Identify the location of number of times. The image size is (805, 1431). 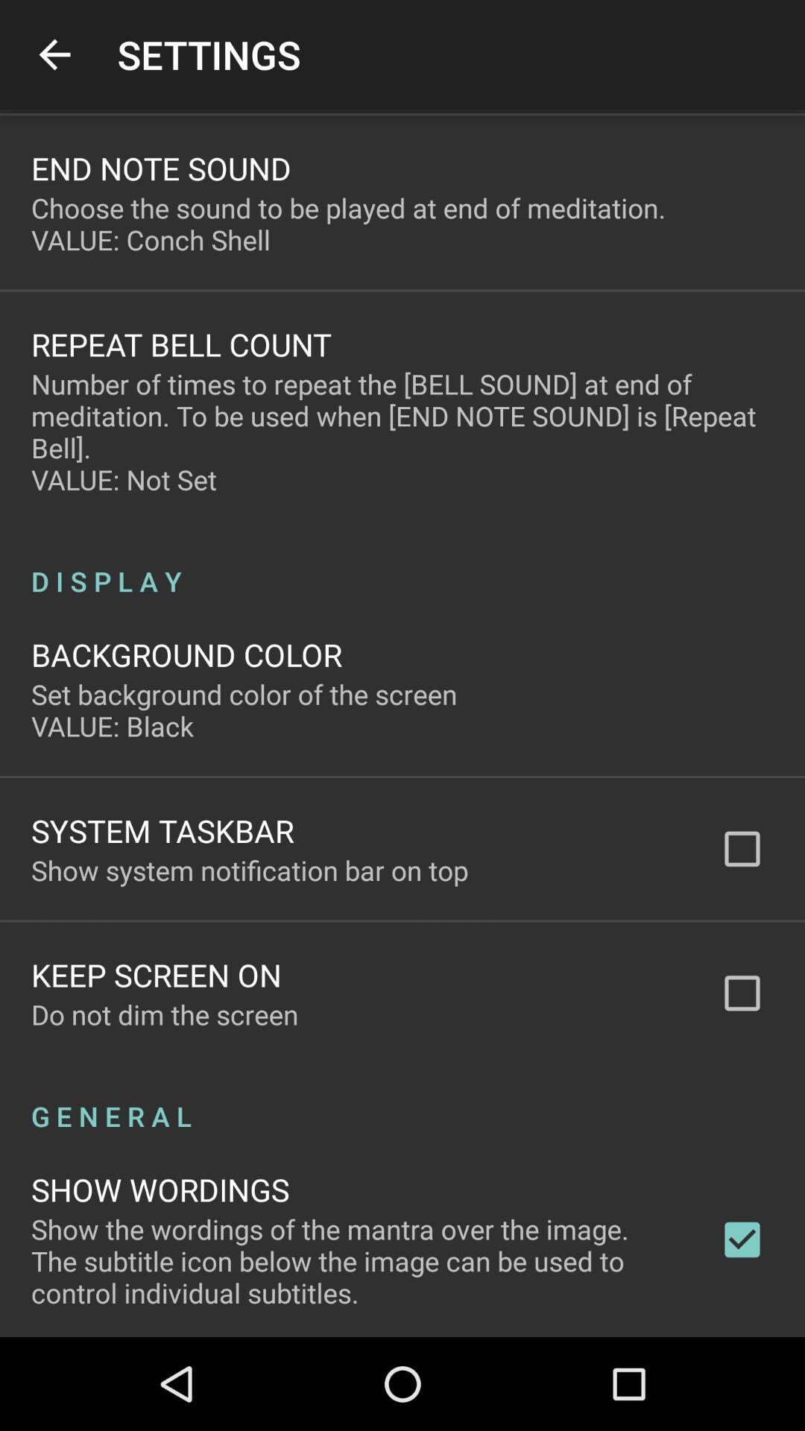
(402, 431).